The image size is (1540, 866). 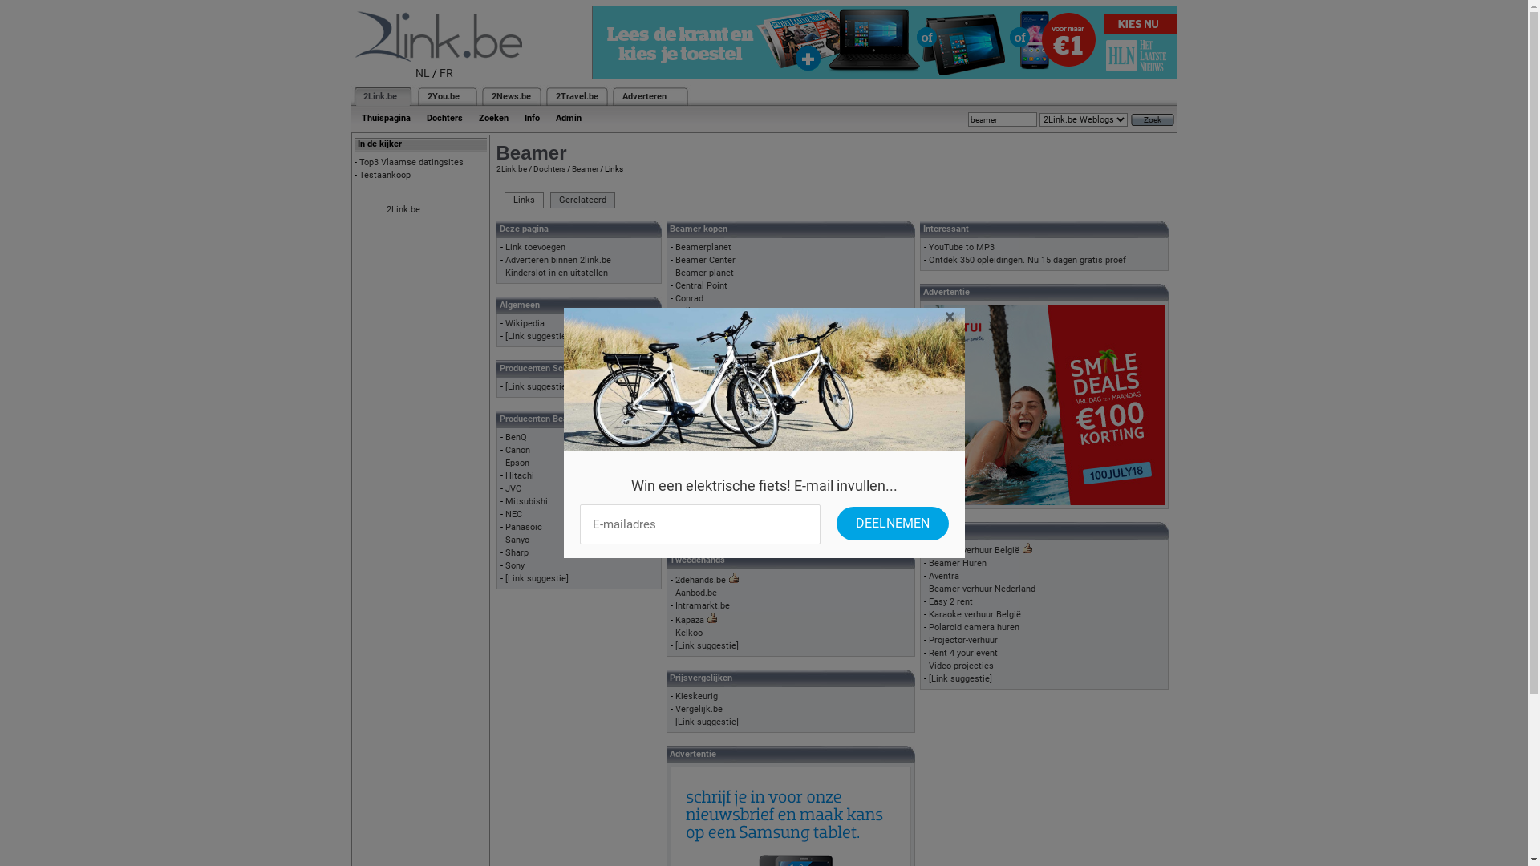 What do you see at coordinates (537, 386) in the screenshot?
I see `'[Link suggestie]'` at bounding box center [537, 386].